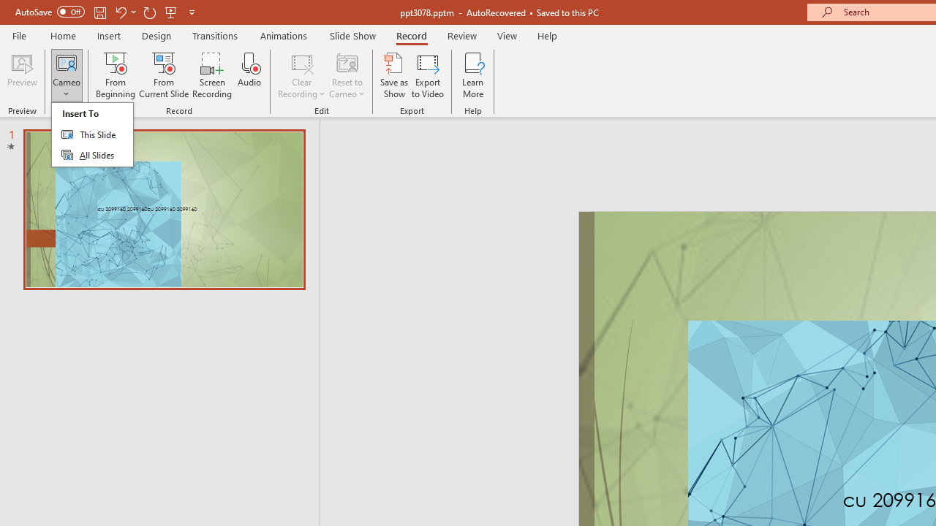  What do you see at coordinates (115, 75) in the screenshot?
I see `'From Beginning...'` at bounding box center [115, 75].